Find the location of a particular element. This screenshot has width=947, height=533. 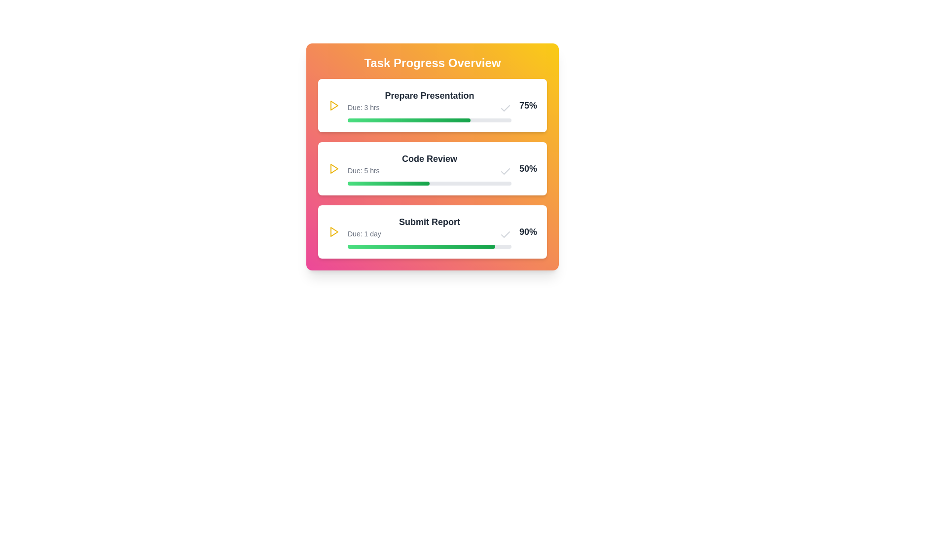

the Progress Indicator Bar located in the 'Submit Report' section, which visually represents progress with a green gradient background is located at coordinates (421, 246).